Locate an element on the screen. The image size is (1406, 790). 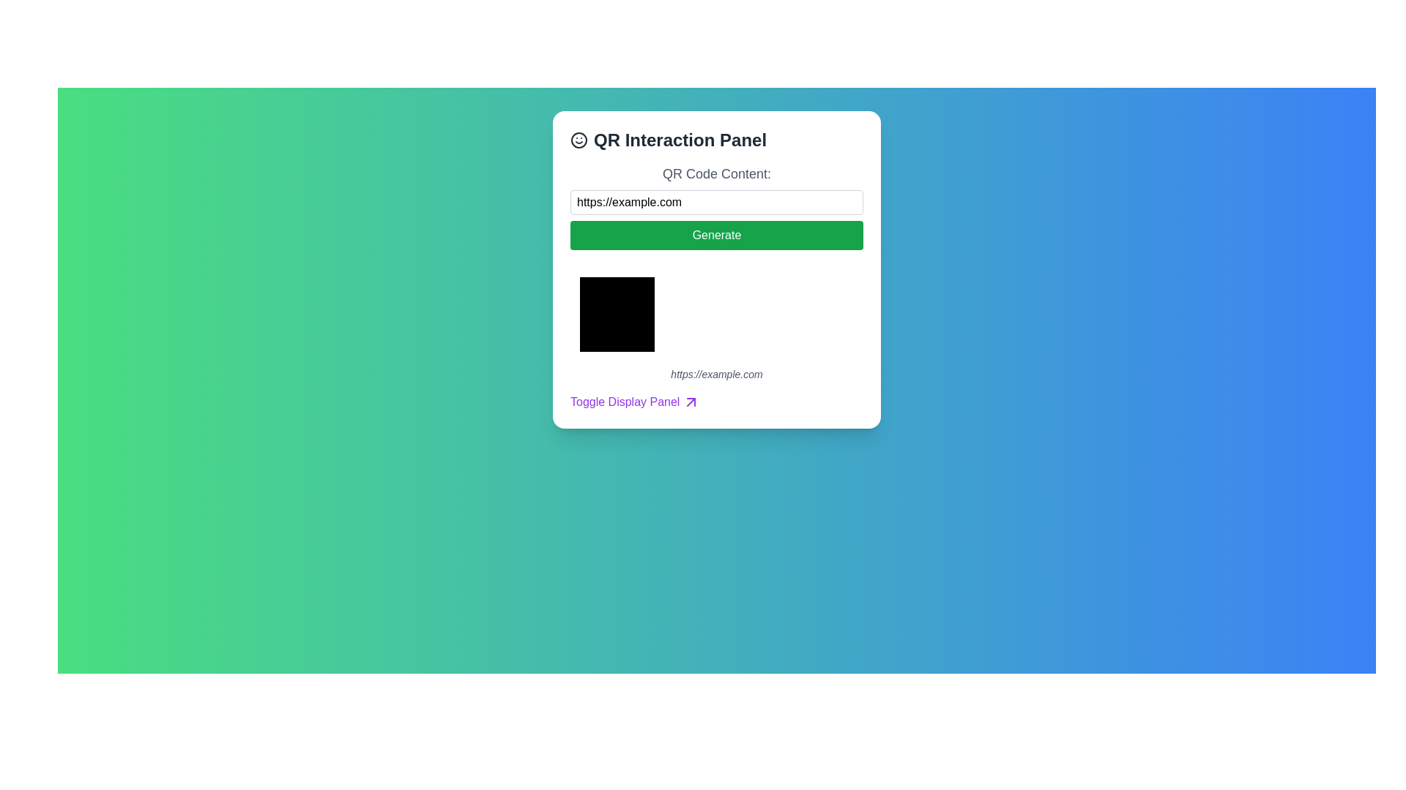
the static text displaying the URL 'https://example.com', which is positioned below a black square and below the green 'Generate' button is located at coordinates (717, 371).